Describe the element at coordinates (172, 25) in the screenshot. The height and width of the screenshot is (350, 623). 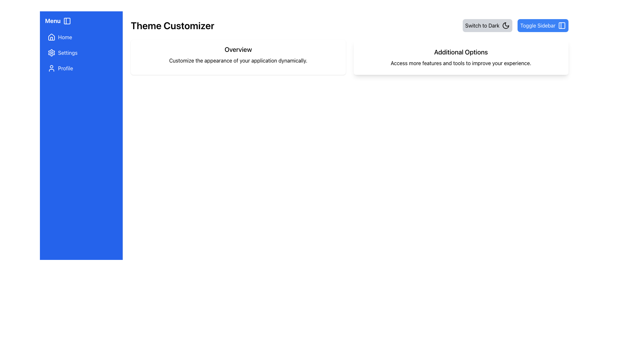
I see `the title text element located at the top-left section of the central content area, providing context for the content below` at that location.